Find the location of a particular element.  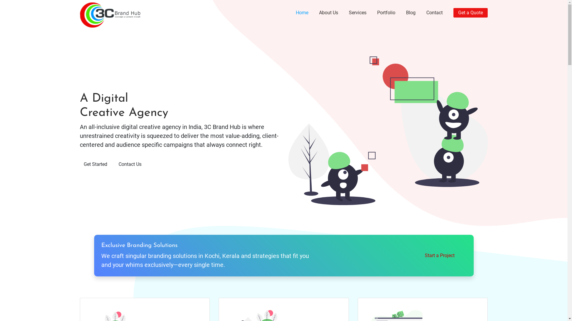

'About Us' is located at coordinates (318, 12).